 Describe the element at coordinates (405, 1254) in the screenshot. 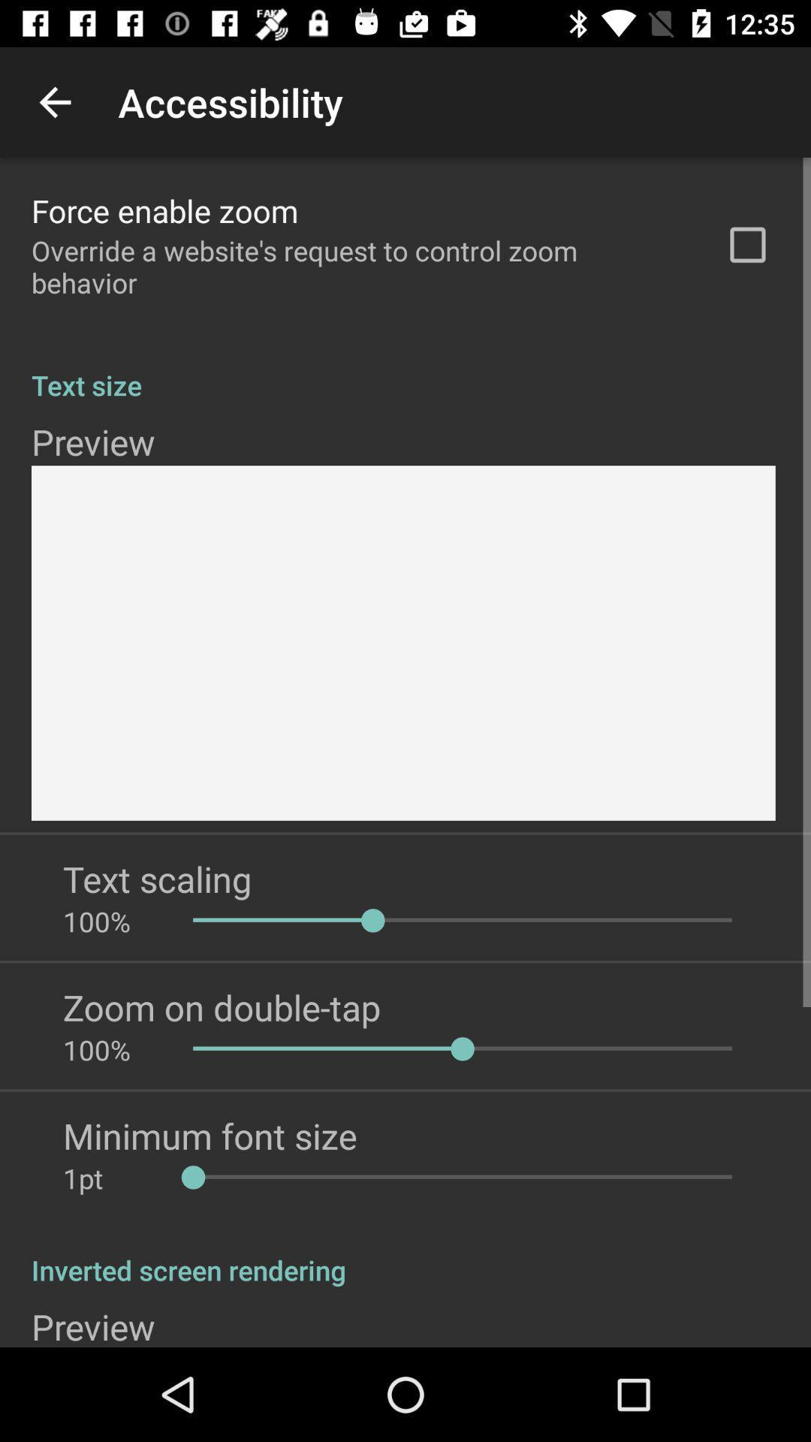

I see `item above the preview icon` at that location.